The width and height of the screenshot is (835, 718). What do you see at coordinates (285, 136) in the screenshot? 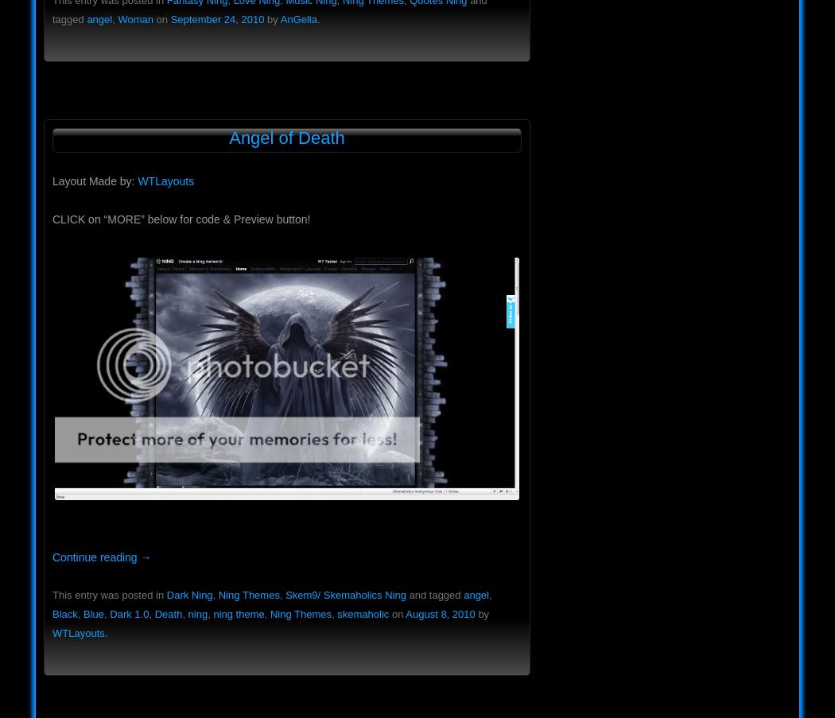
I see `'Angel of Death'` at bounding box center [285, 136].